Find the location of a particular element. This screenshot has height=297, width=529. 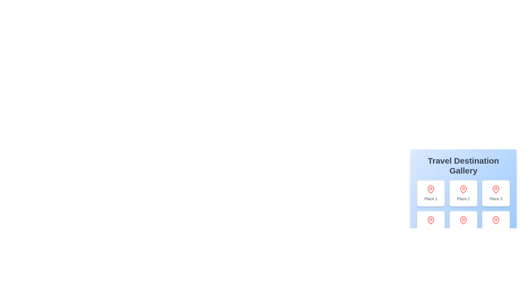

the icon representing 'Place 3' located in the top-right card of the 'Travel Destination Gallery' is located at coordinates (496, 189).